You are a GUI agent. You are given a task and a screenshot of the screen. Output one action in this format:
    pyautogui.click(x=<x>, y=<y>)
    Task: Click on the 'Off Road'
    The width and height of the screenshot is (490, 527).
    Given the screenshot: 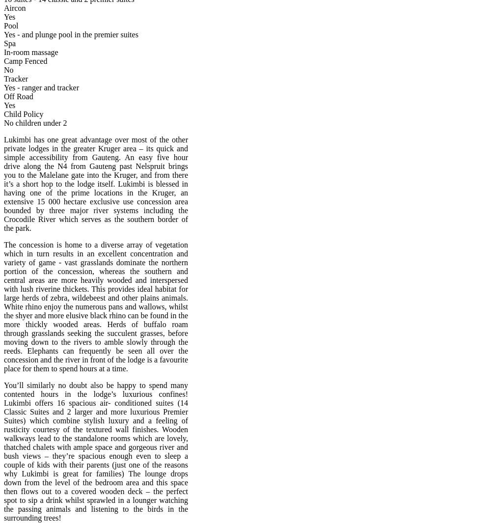 What is the action you would take?
    pyautogui.click(x=18, y=96)
    